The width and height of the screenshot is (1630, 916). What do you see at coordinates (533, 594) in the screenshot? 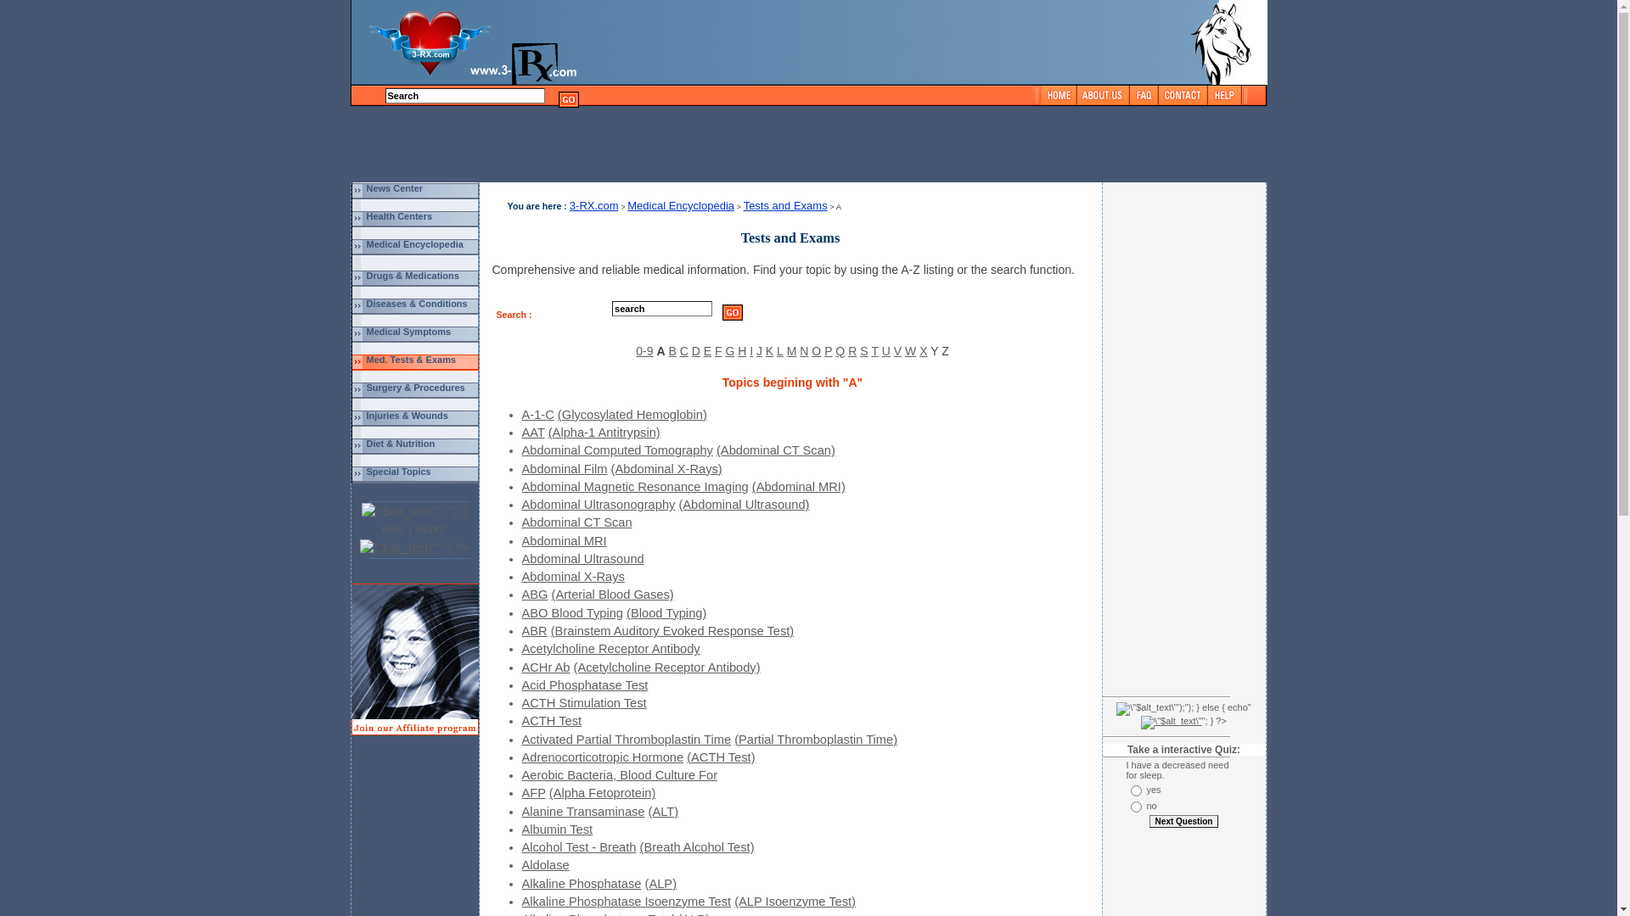
I see `'ABG'` at bounding box center [533, 594].